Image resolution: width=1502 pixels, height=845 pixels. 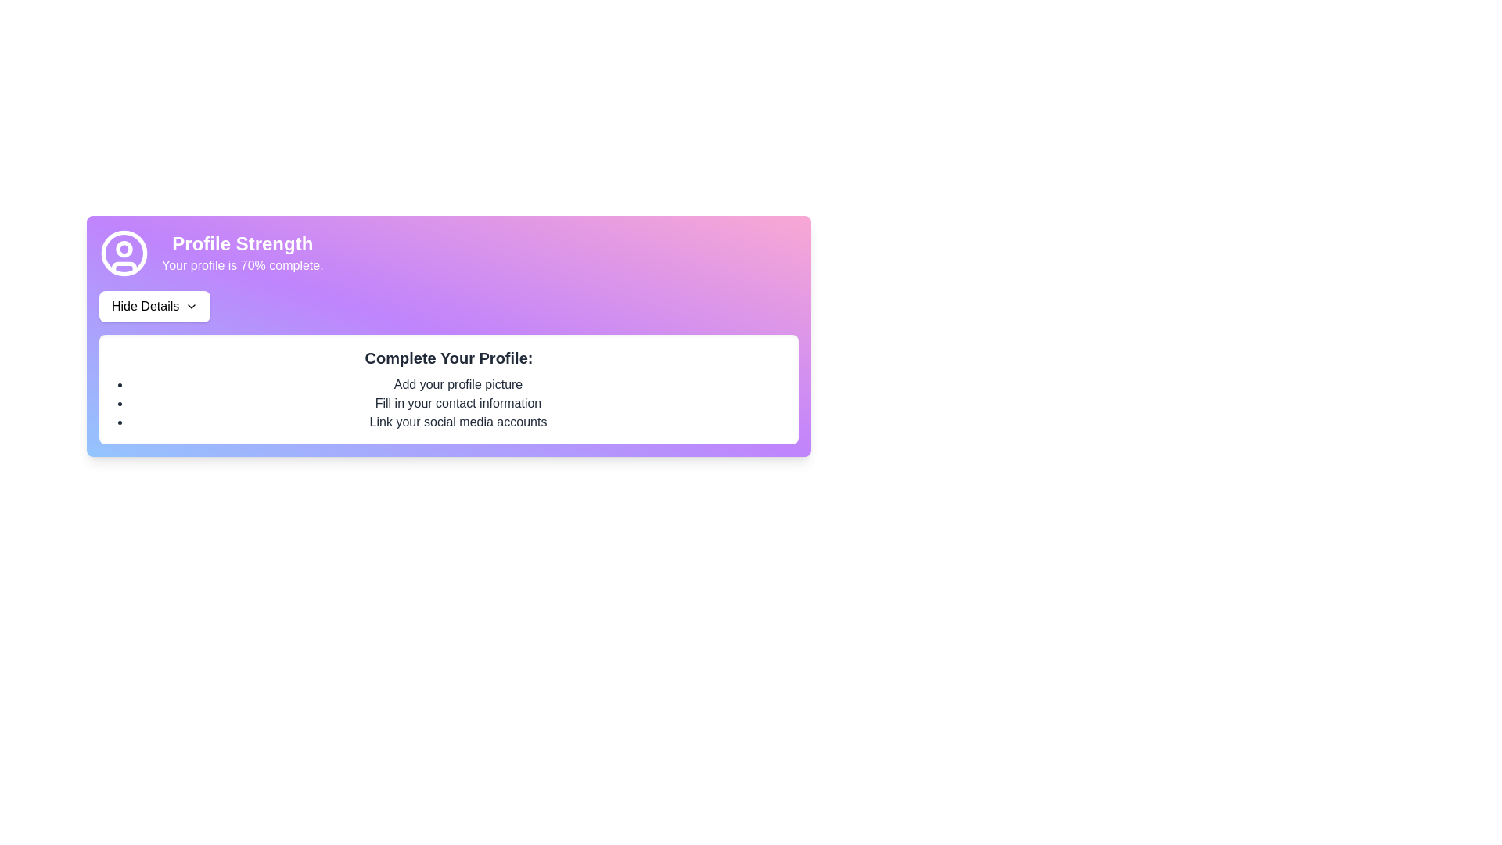 I want to click on the User profile icon, which is a circular icon with a head and shoulders silhouette in white, surrounded by a purple frame, located at the top left of the 'Profile Strength' box, so click(x=123, y=253).